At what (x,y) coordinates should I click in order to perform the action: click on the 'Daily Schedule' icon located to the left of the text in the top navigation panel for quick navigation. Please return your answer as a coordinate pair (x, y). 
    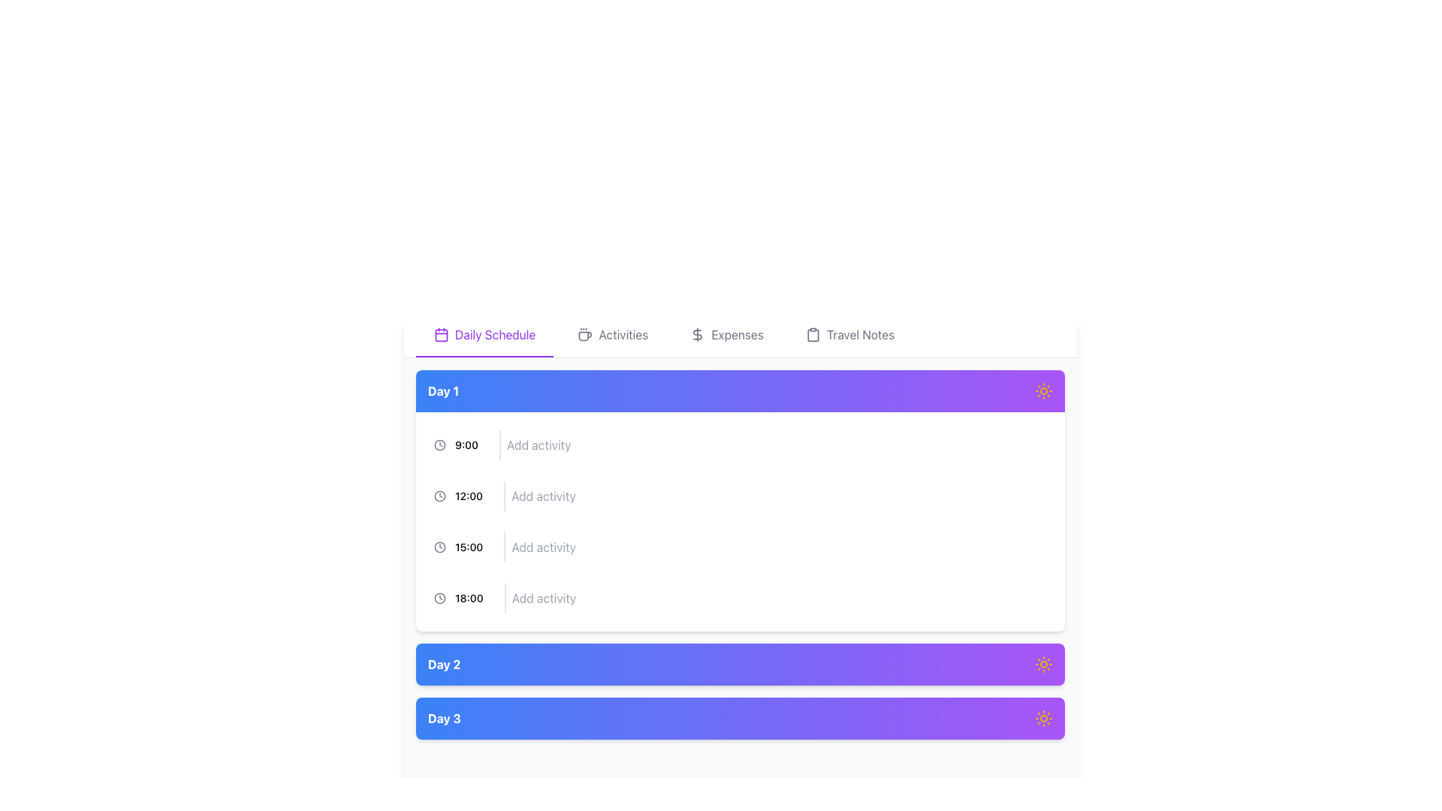
    Looking at the image, I should click on (441, 334).